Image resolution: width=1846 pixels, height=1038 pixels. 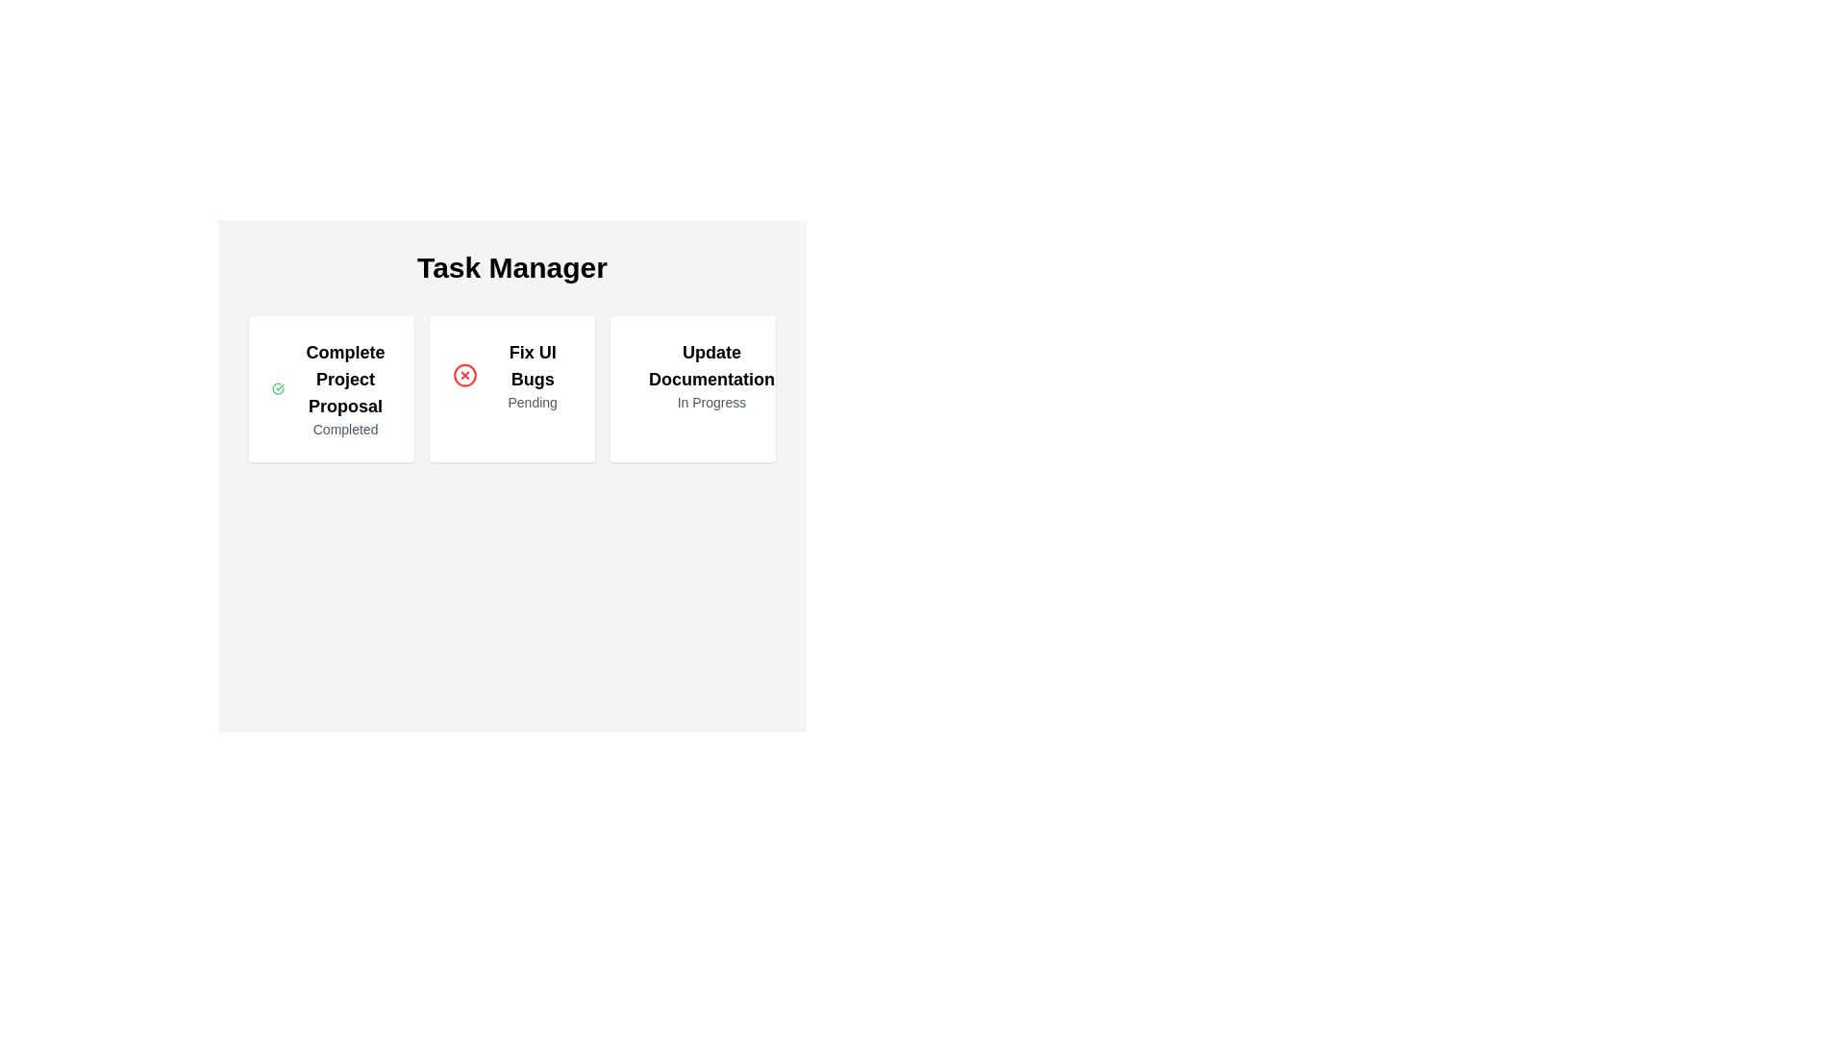 I want to click on the text label displaying the task title 'Update Documentation In Progress' located at the top of the rightmost card under the 'Task Manager' heading, so click(x=711, y=366).